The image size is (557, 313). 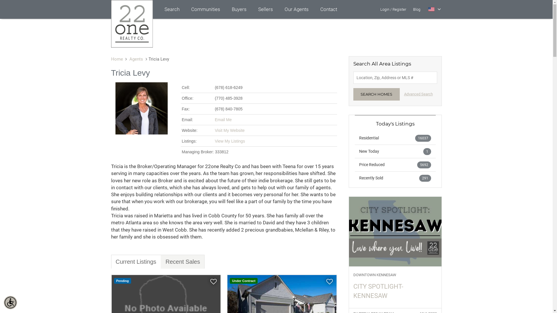 What do you see at coordinates (413, 9) in the screenshot?
I see `'Blog'` at bounding box center [413, 9].